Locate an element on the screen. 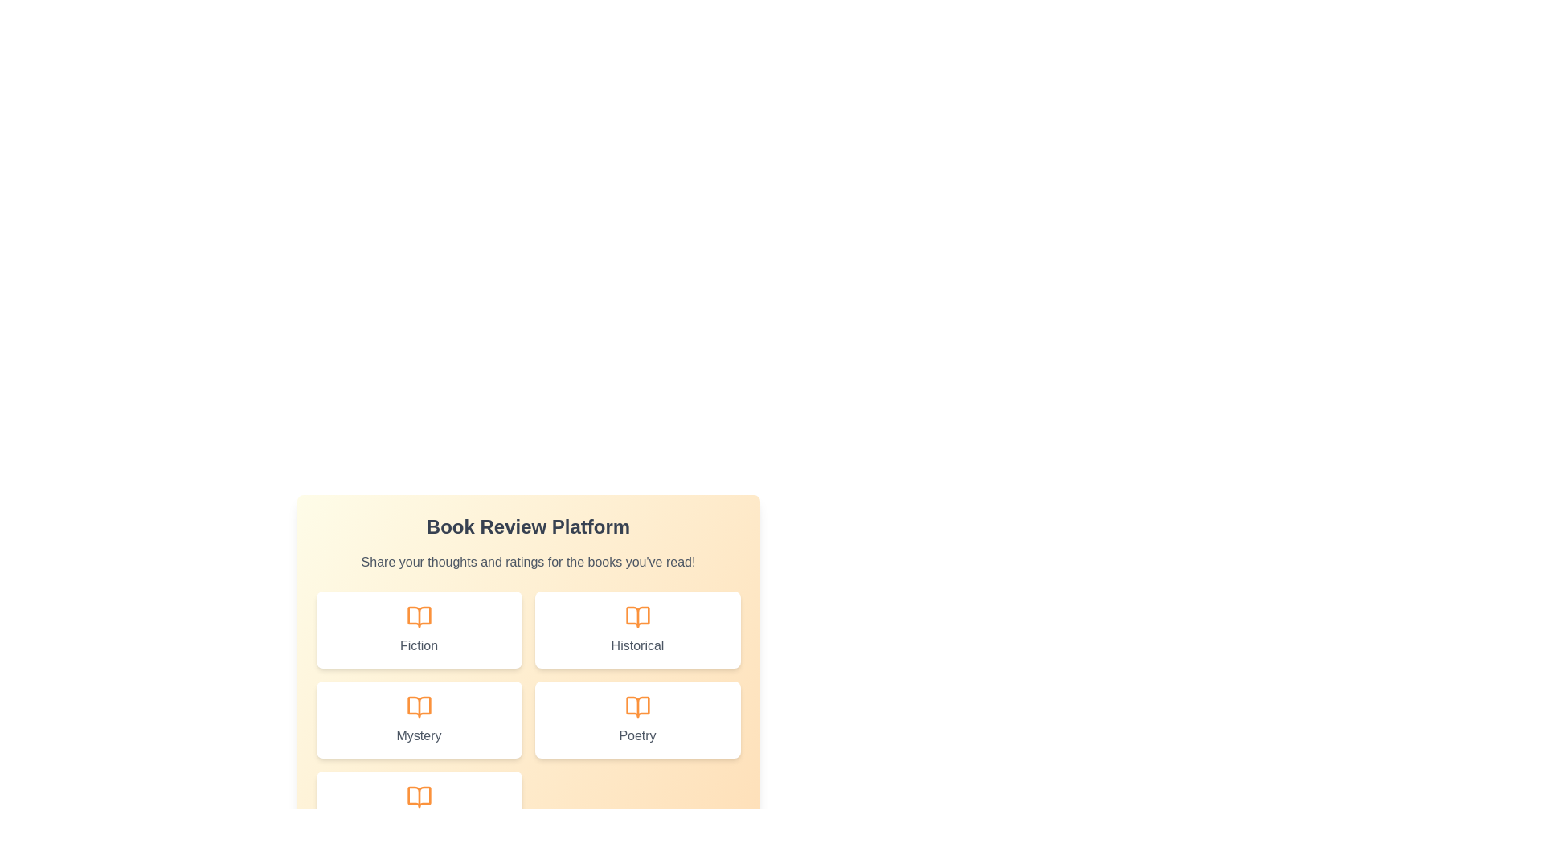 This screenshot has height=868, width=1543. the book icon representing the 'Historical' section, which is located in the upper-right quadrant of the card grid is located at coordinates (636, 616).